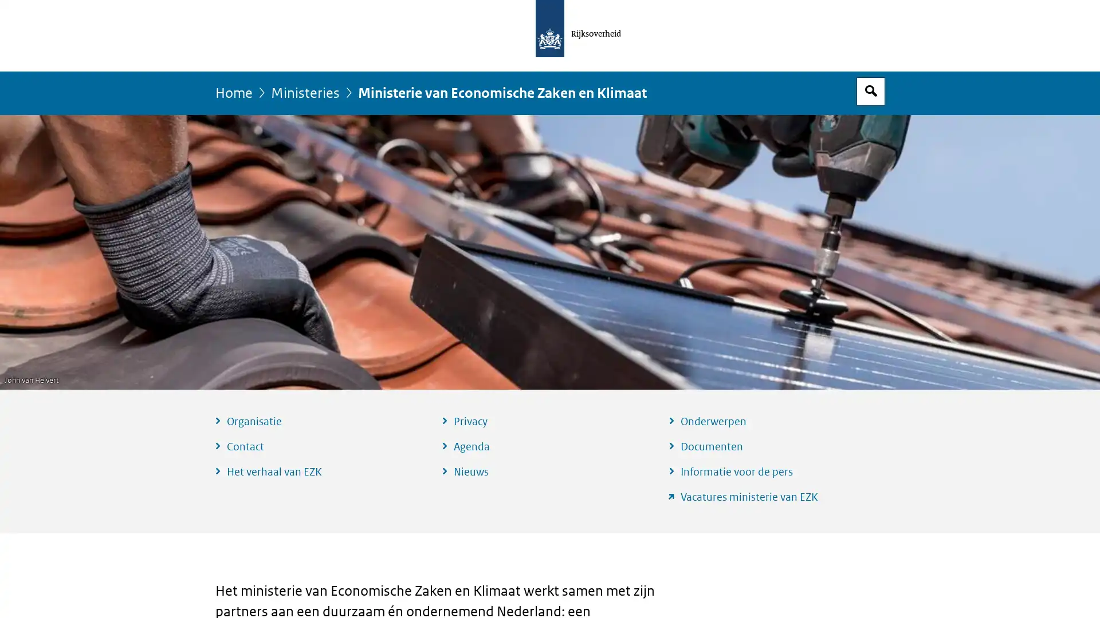 Image resolution: width=1100 pixels, height=618 pixels. Describe the element at coordinates (871, 90) in the screenshot. I see `Open zoekveld` at that location.